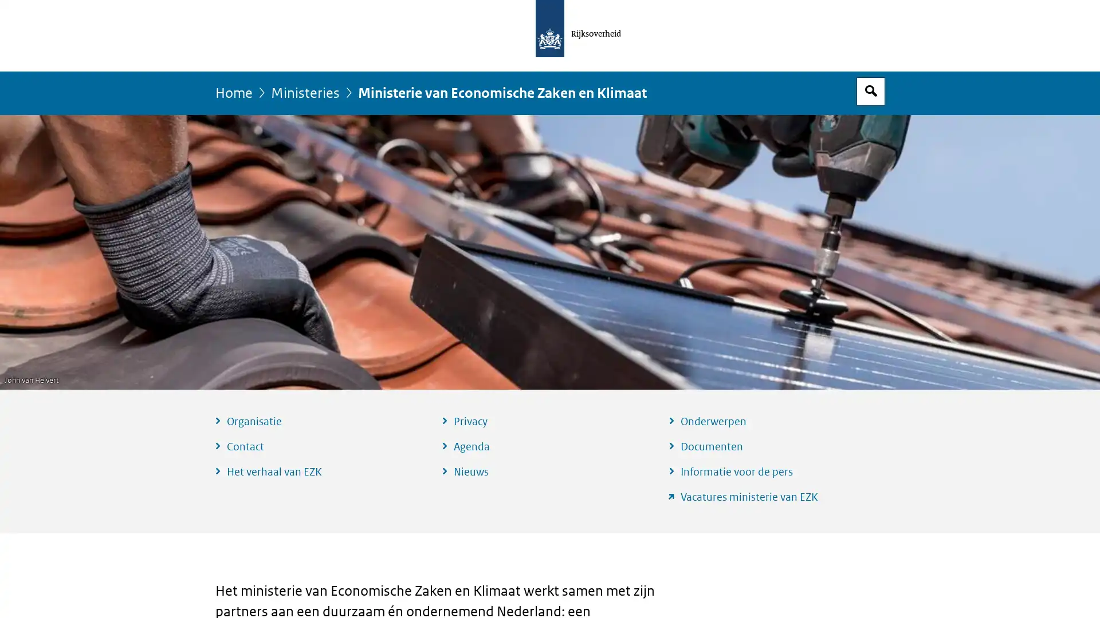 Image resolution: width=1100 pixels, height=618 pixels. Describe the element at coordinates (871, 90) in the screenshot. I see `Open zoekveld` at that location.